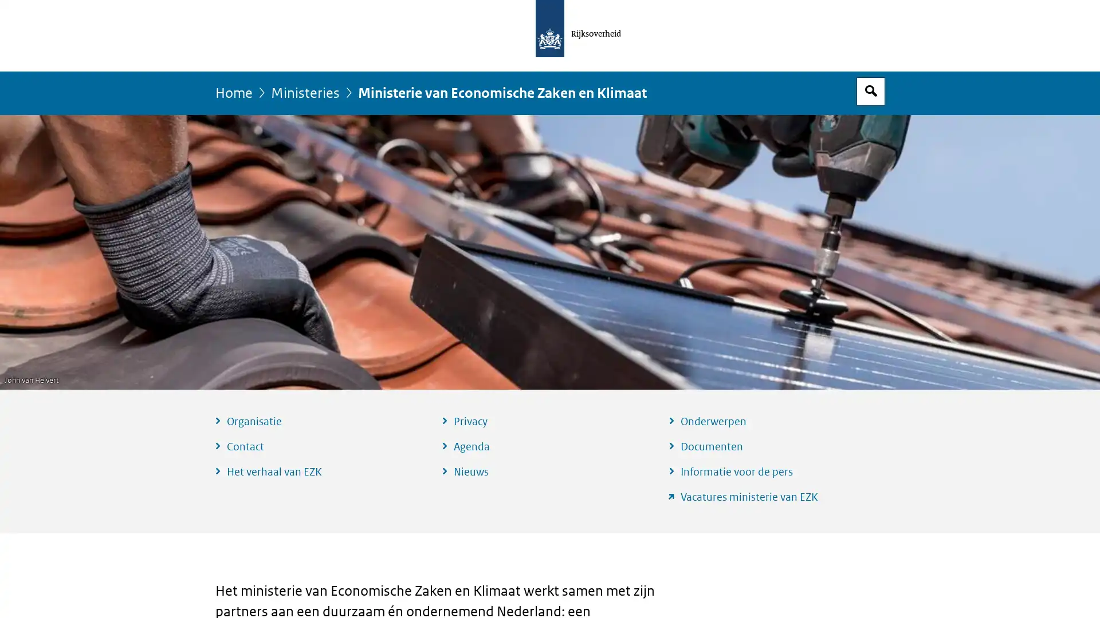 Image resolution: width=1100 pixels, height=618 pixels. Describe the element at coordinates (871, 90) in the screenshot. I see `Open zoekveld` at that location.